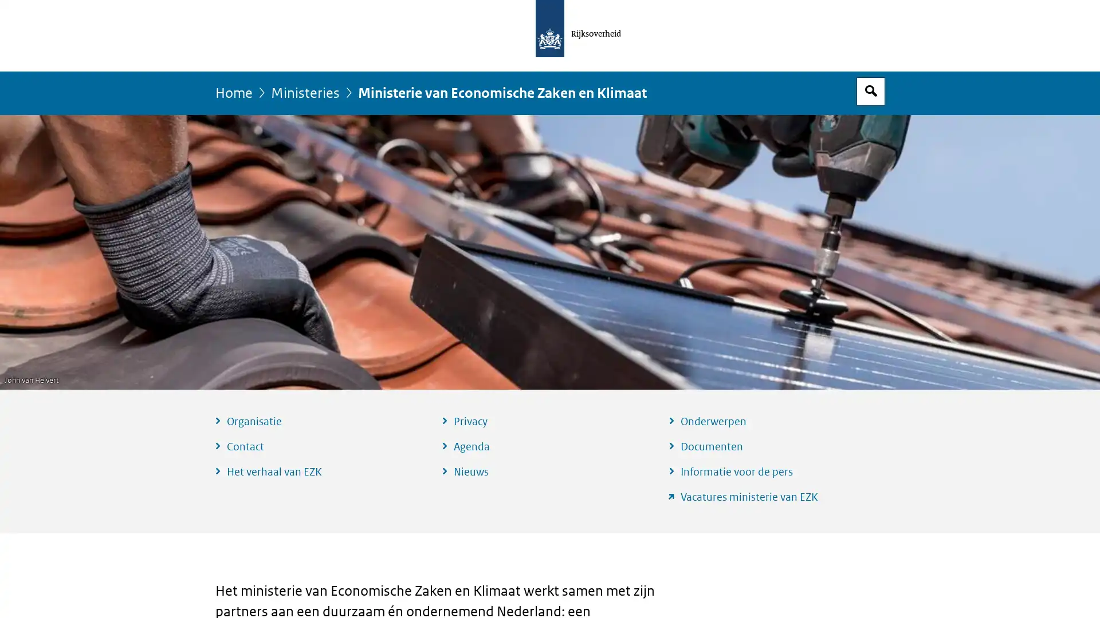 Image resolution: width=1100 pixels, height=618 pixels. Describe the element at coordinates (871, 90) in the screenshot. I see `Open zoekveld` at that location.